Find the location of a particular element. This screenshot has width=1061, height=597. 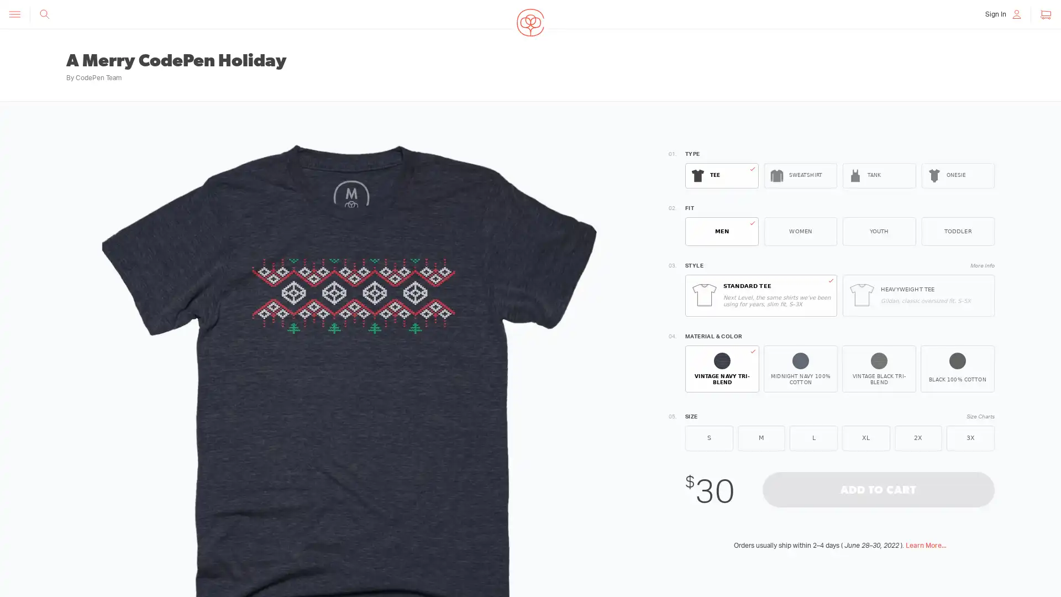

WOMEN is located at coordinates (800, 231).